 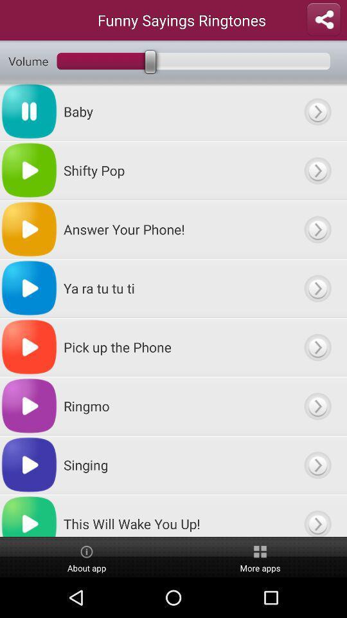 What do you see at coordinates (317, 405) in the screenshot?
I see `ringtone` at bounding box center [317, 405].